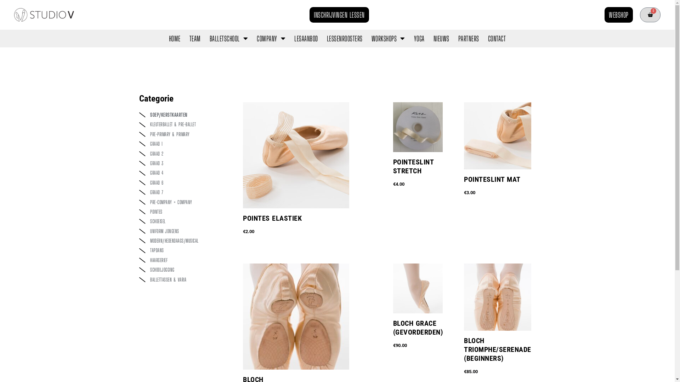 The image size is (680, 382). Describe the element at coordinates (464, 355) in the screenshot. I see `'BLOCH TRIOMPHE/SERENADE (BEGINNERS)'` at that location.